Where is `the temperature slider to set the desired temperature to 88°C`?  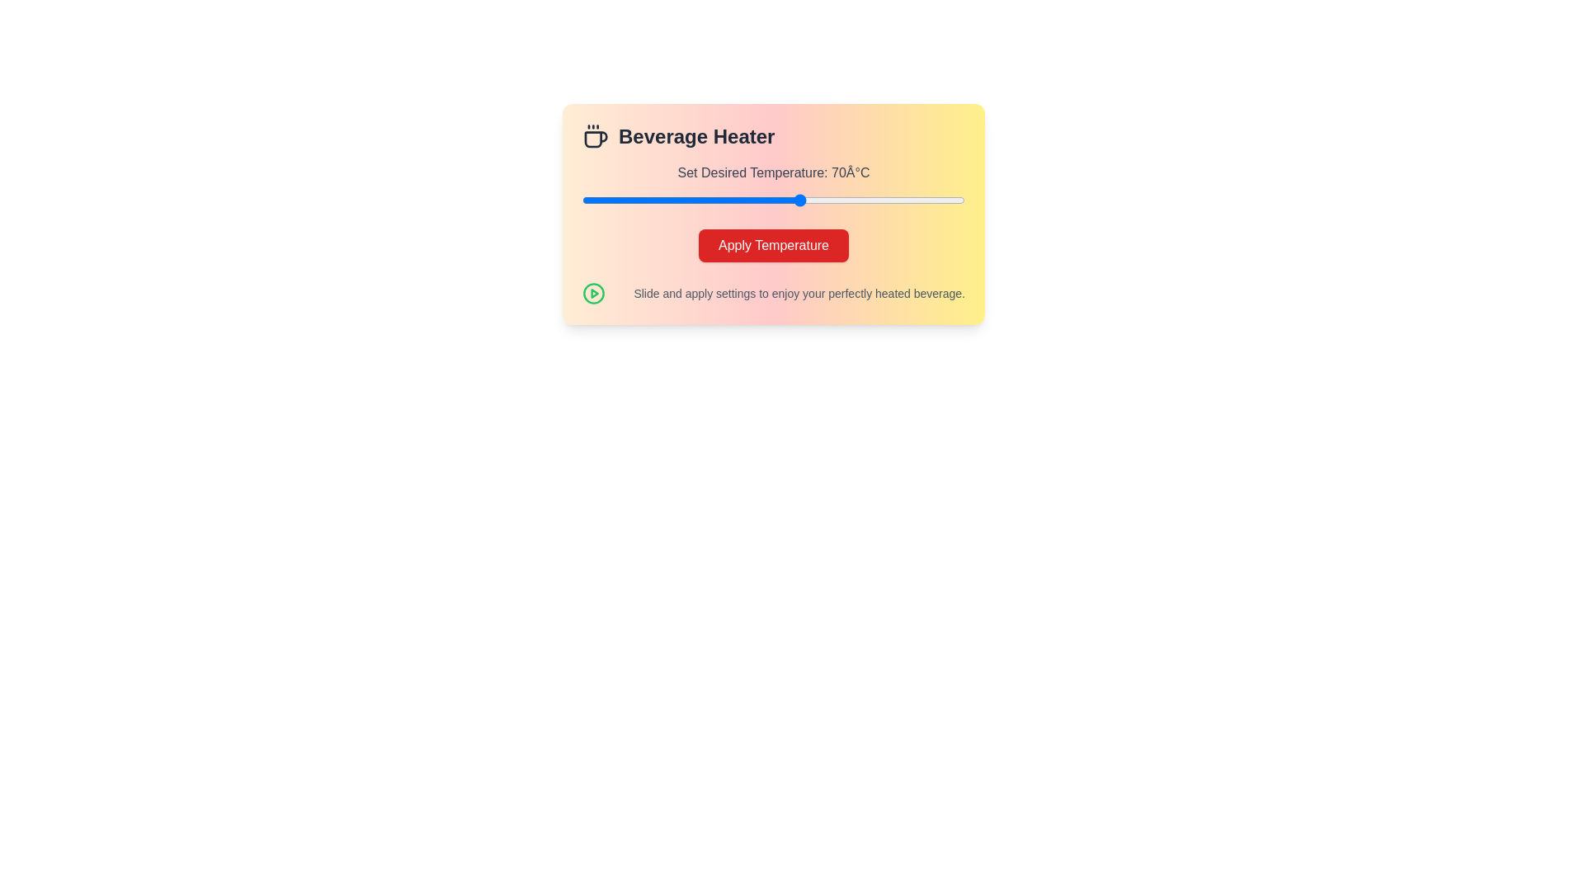 the temperature slider to set the desired temperature to 88°C is located at coordinates (898, 200).